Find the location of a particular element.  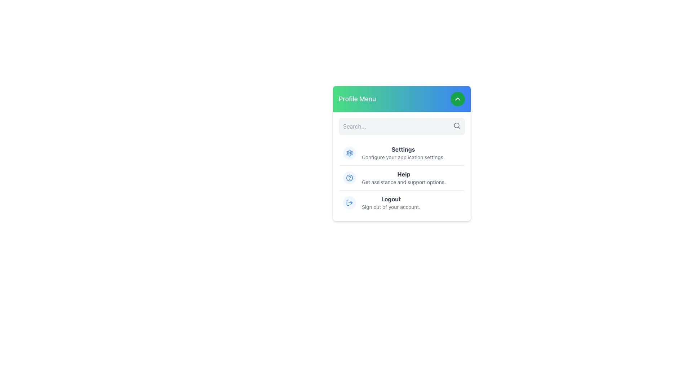

the 'Help' icon located to the left of the bolded text 'Help' in the second list item of the menu is located at coordinates (349, 178).